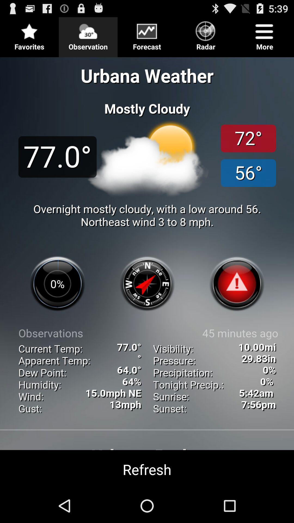 This screenshot has width=294, height=523. I want to click on open menu, so click(147, 35).